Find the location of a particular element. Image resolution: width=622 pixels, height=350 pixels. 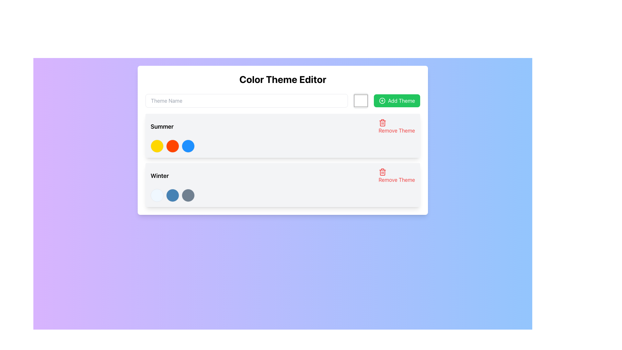

text of the Label or heading located at the top of the card-like UI component, which serves as the title indicating the purpose of the content below is located at coordinates (283, 79).